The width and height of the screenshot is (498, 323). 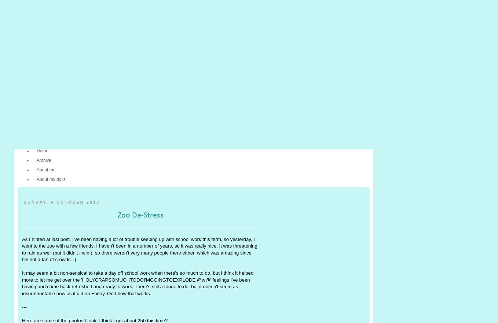 What do you see at coordinates (138, 283) in the screenshot?
I see `'It may seem a bit non-sensical to take a day off school work when there's so much to do, but I think it helped more to let me get over the 'HOLYCRAPSOMUCHTODOI'MGOINGTOEXPLODE @w@' feelings I've been having and come back refreshed and ready to work. There's still a tonne to do, but it doesn't seem as insurmountable now as it did on Friday. Odd how that works.'` at bounding box center [138, 283].